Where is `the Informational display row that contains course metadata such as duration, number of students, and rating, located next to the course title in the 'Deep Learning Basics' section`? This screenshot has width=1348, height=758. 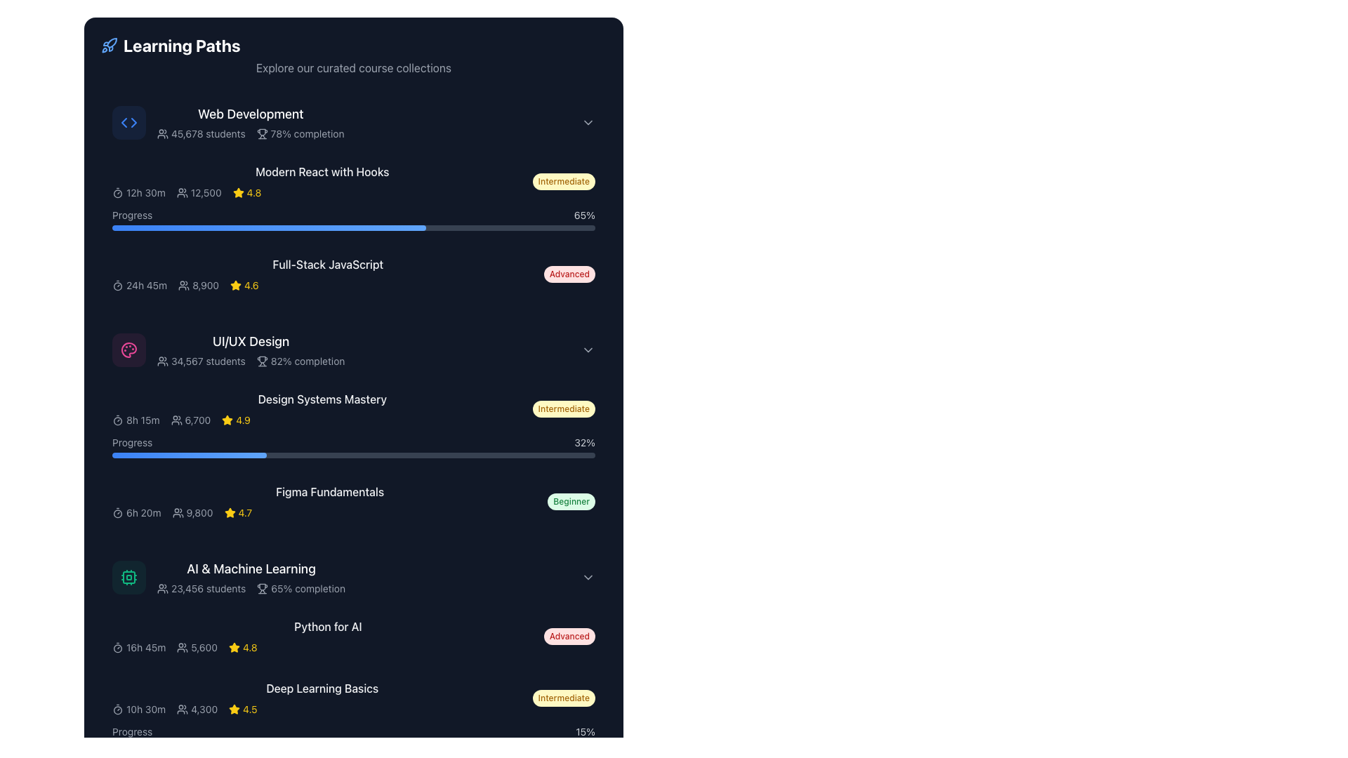
the Informational display row that contains course metadata such as duration, number of students, and rating, located next to the course title in the 'Deep Learning Basics' section is located at coordinates (322, 709).